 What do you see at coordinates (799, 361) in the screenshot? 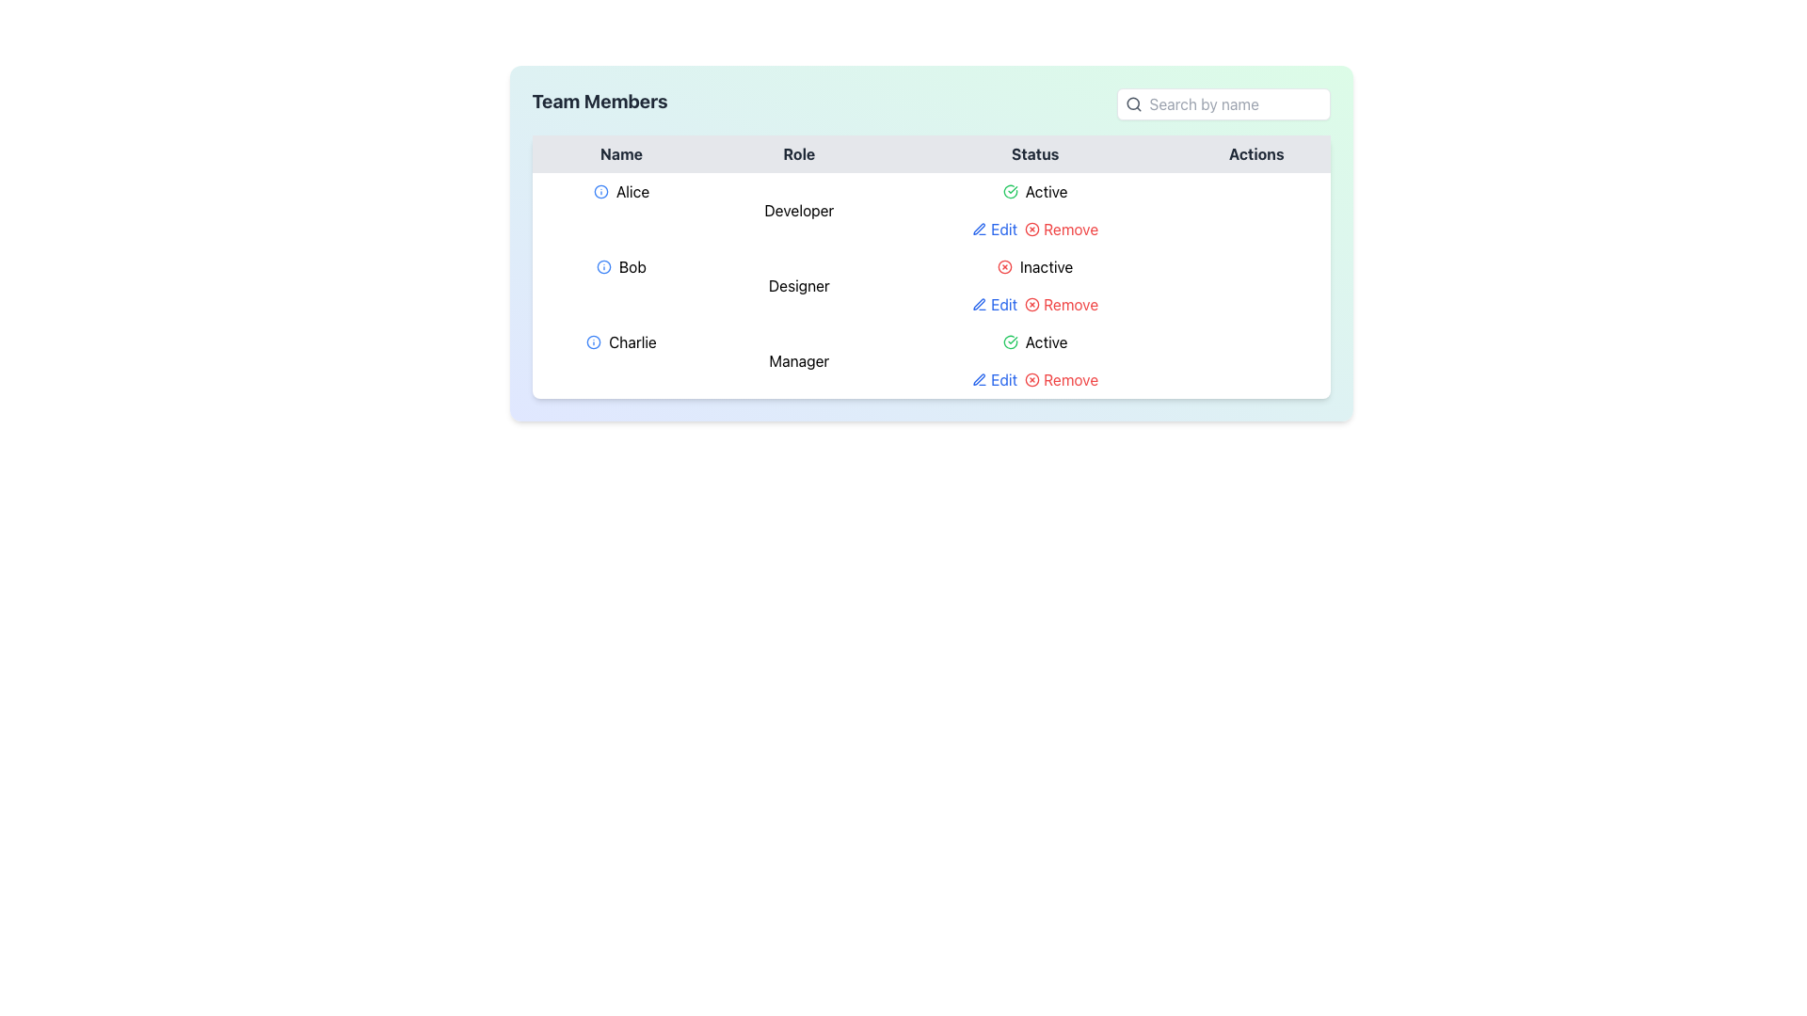
I see `the static text label displaying 'Manager' in the Role column of the table for the entry 'Charlie'` at bounding box center [799, 361].